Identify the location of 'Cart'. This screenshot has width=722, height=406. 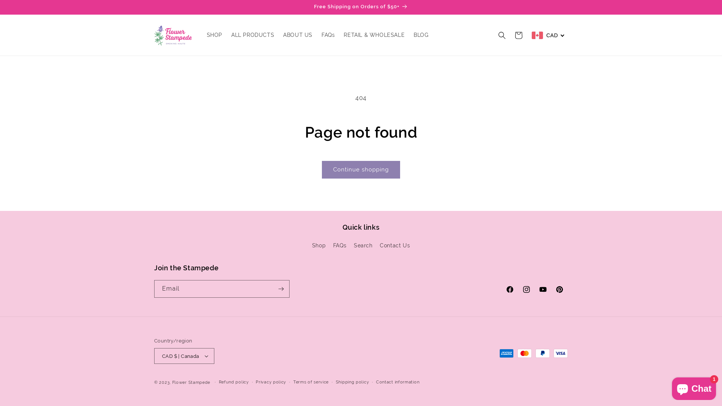
(518, 35).